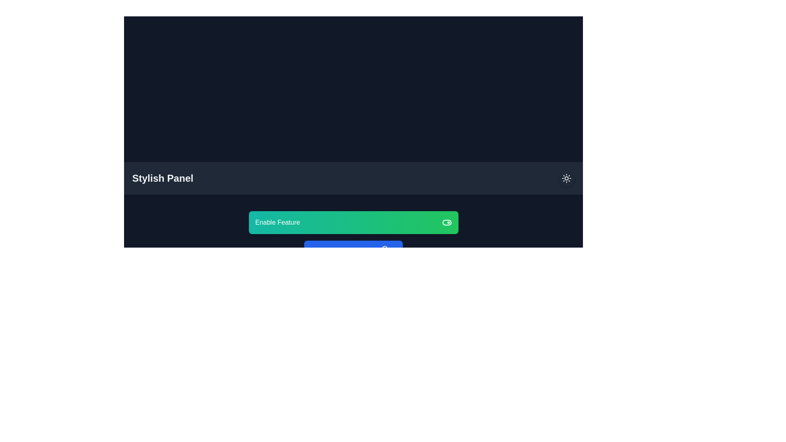 This screenshot has width=786, height=442. I want to click on the horizontal green pill-shaped toggle switch located next to the green button labeled 'Enable Feature', so click(446, 222).